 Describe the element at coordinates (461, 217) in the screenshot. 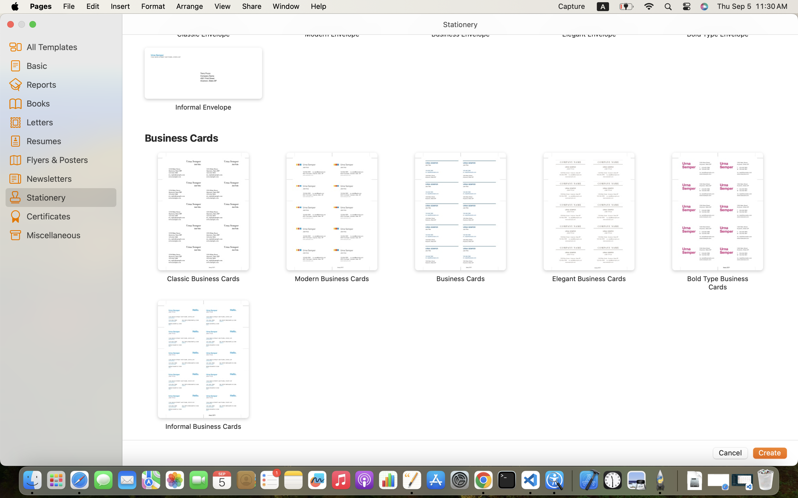

I see `'‎⁨Business Cards⁩'` at that location.